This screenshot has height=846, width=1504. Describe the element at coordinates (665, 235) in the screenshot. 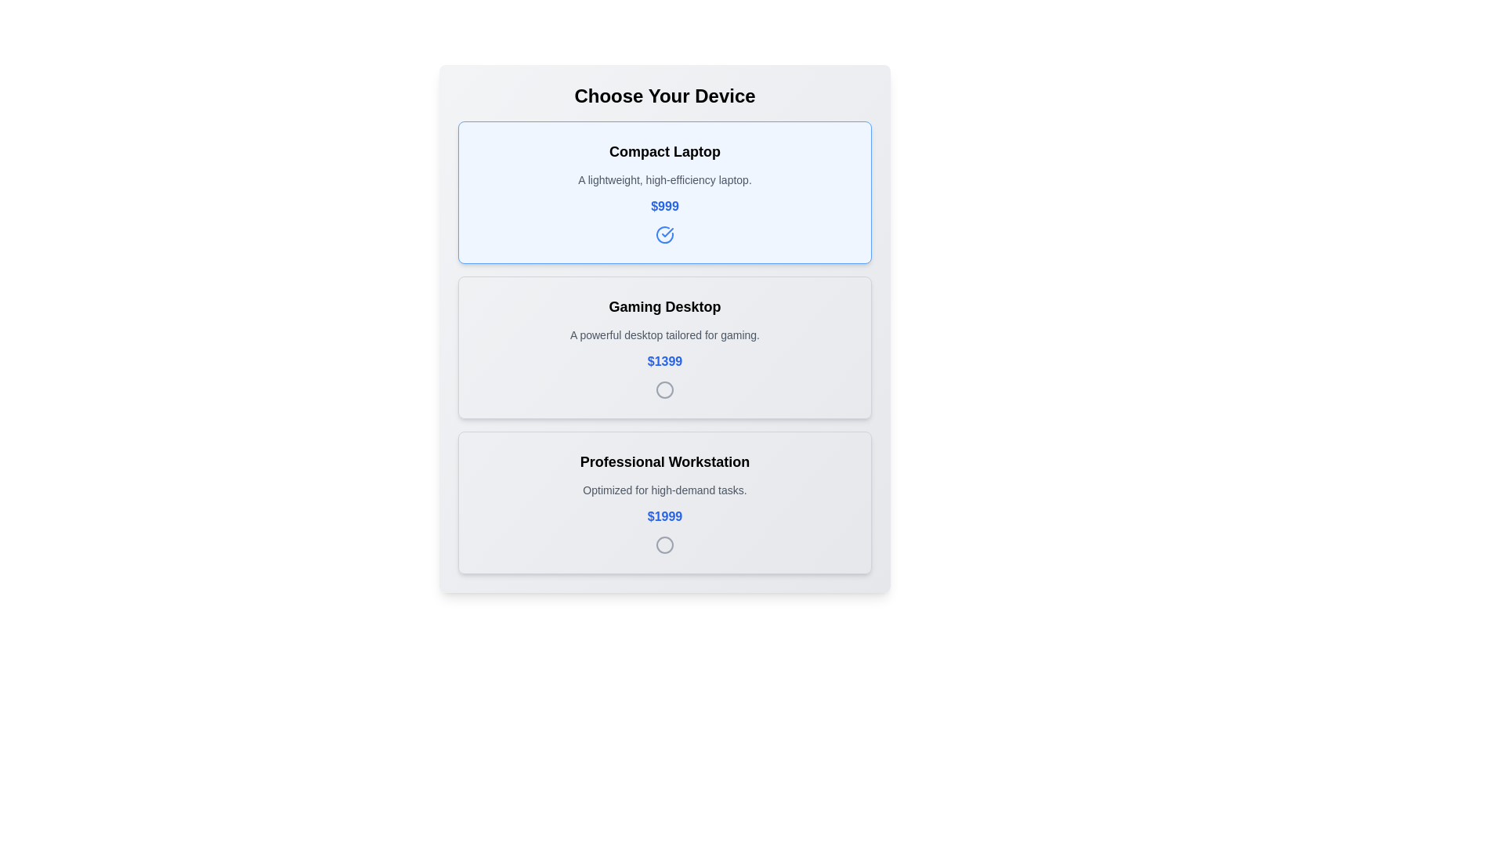

I see `the graphical icon, which is a blue circle with a checkmark, located centrally below the '$999' text in the 'Compact Laptop' selection card` at that location.